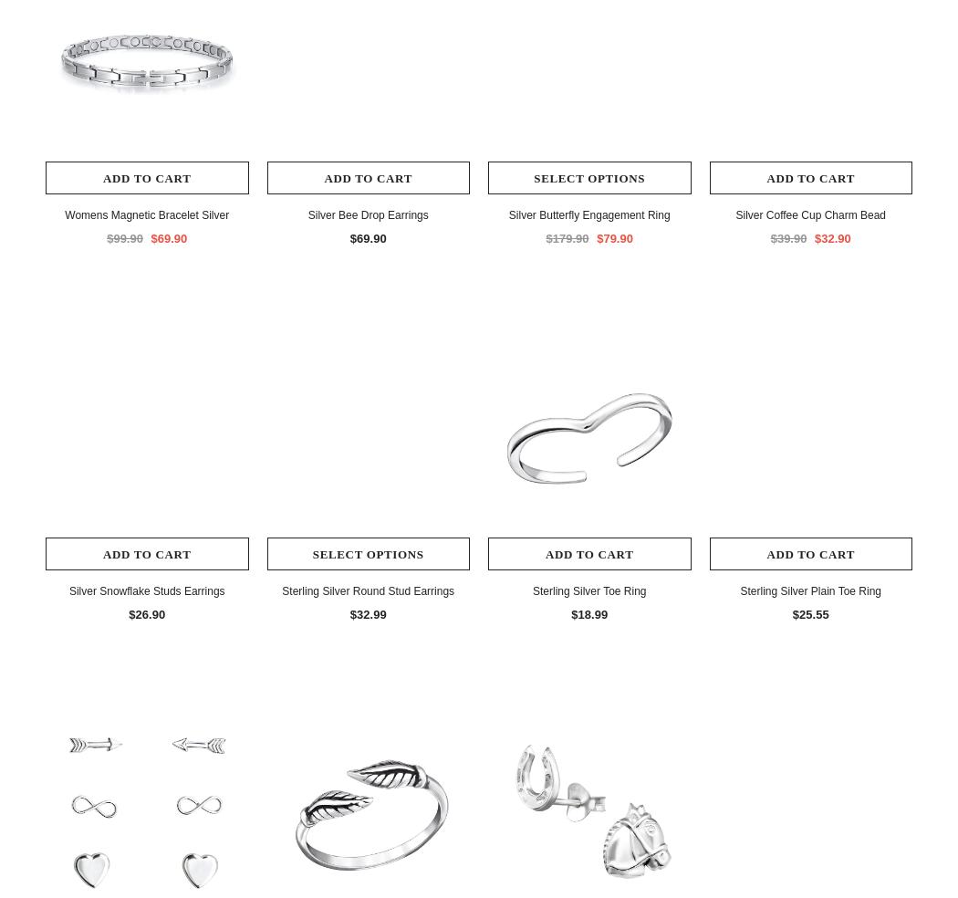 The image size is (958, 898). What do you see at coordinates (769, 236) in the screenshot?
I see `'$39.90'` at bounding box center [769, 236].